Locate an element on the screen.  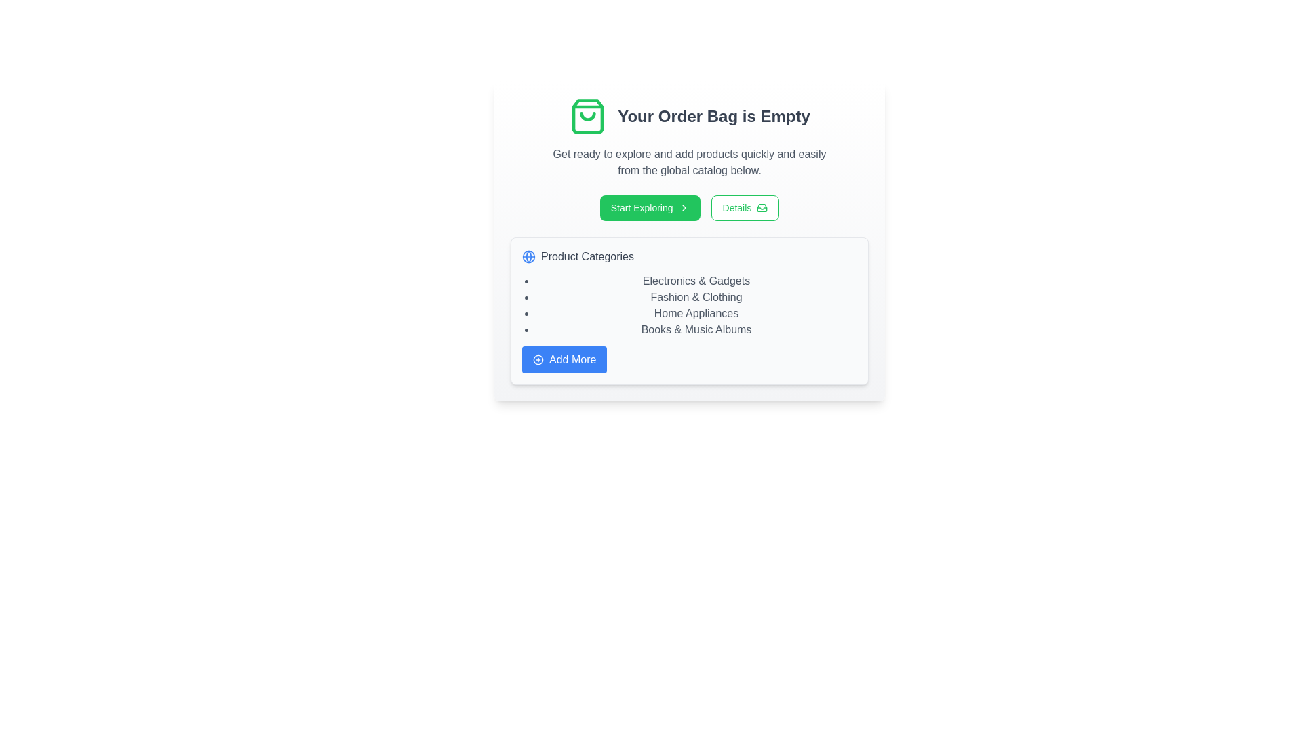
the icon representing the global or category-related concept located in the top-left corner of the 'Product Categories' heading block, next to the text label is located at coordinates (528, 256).